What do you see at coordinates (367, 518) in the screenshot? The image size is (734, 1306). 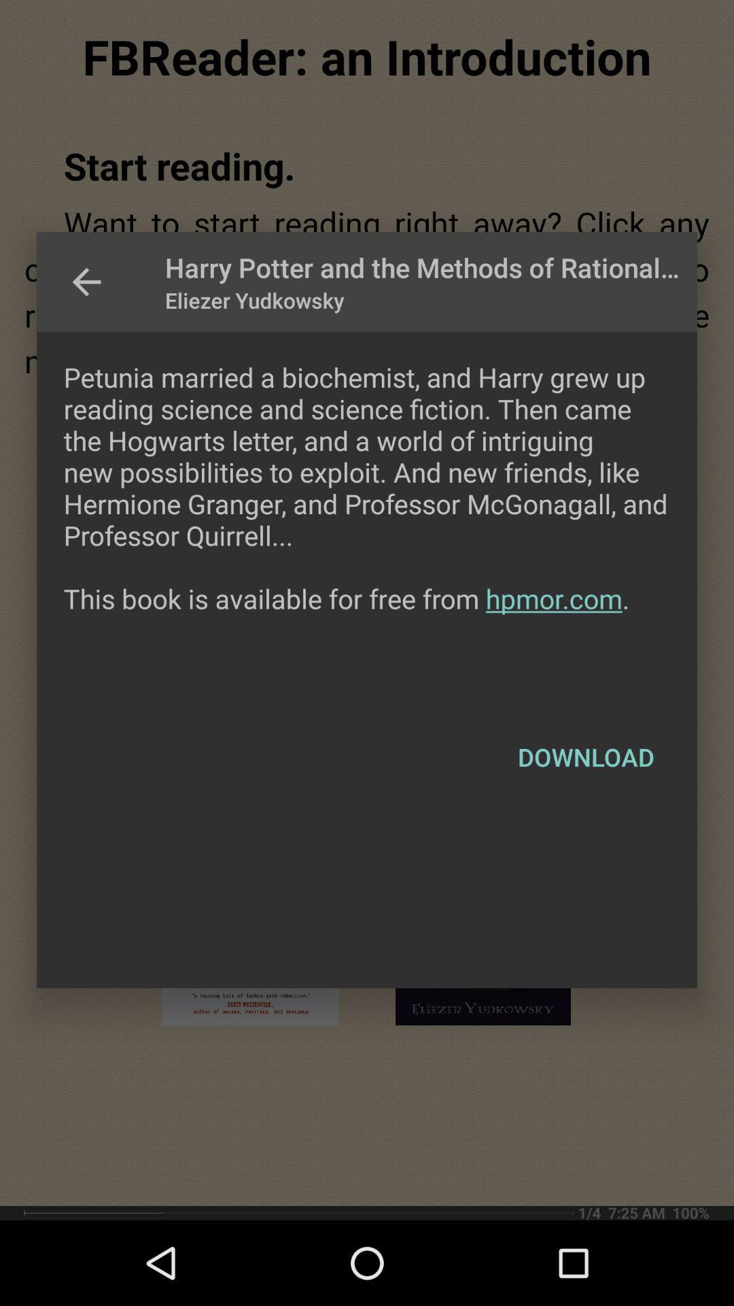 I see `icon above the download icon` at bounding box center [367, 518].